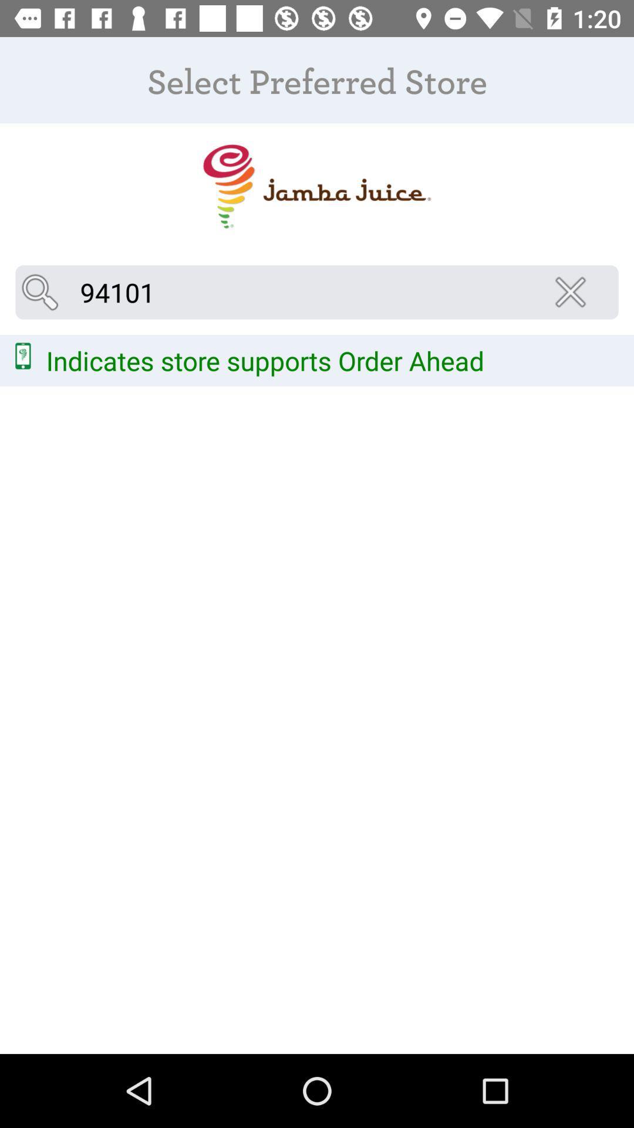 This screenshot has height=1128, width=634. Describe the element at coordinates (317, 292) in the screenshot. I see `the 94101 icon` at that location.